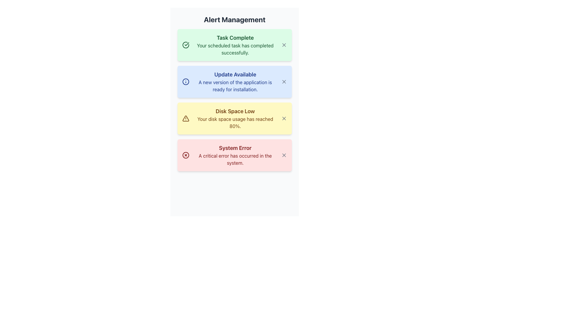 The height and width of the screenshot is (320, 570). Describe the element at coordinates (234, 155) in the screenshot. I see `the 'System Error' notification card, which is the last card in the notification area, located below the 'Disk Space Low' notification` at that location.